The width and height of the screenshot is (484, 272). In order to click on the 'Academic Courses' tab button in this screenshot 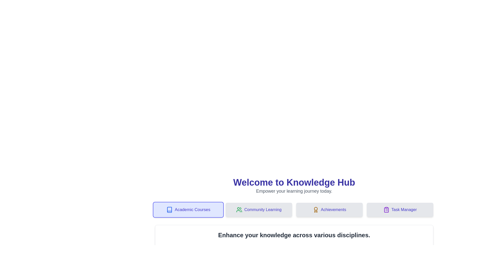, I will do `click(188, 210)`.